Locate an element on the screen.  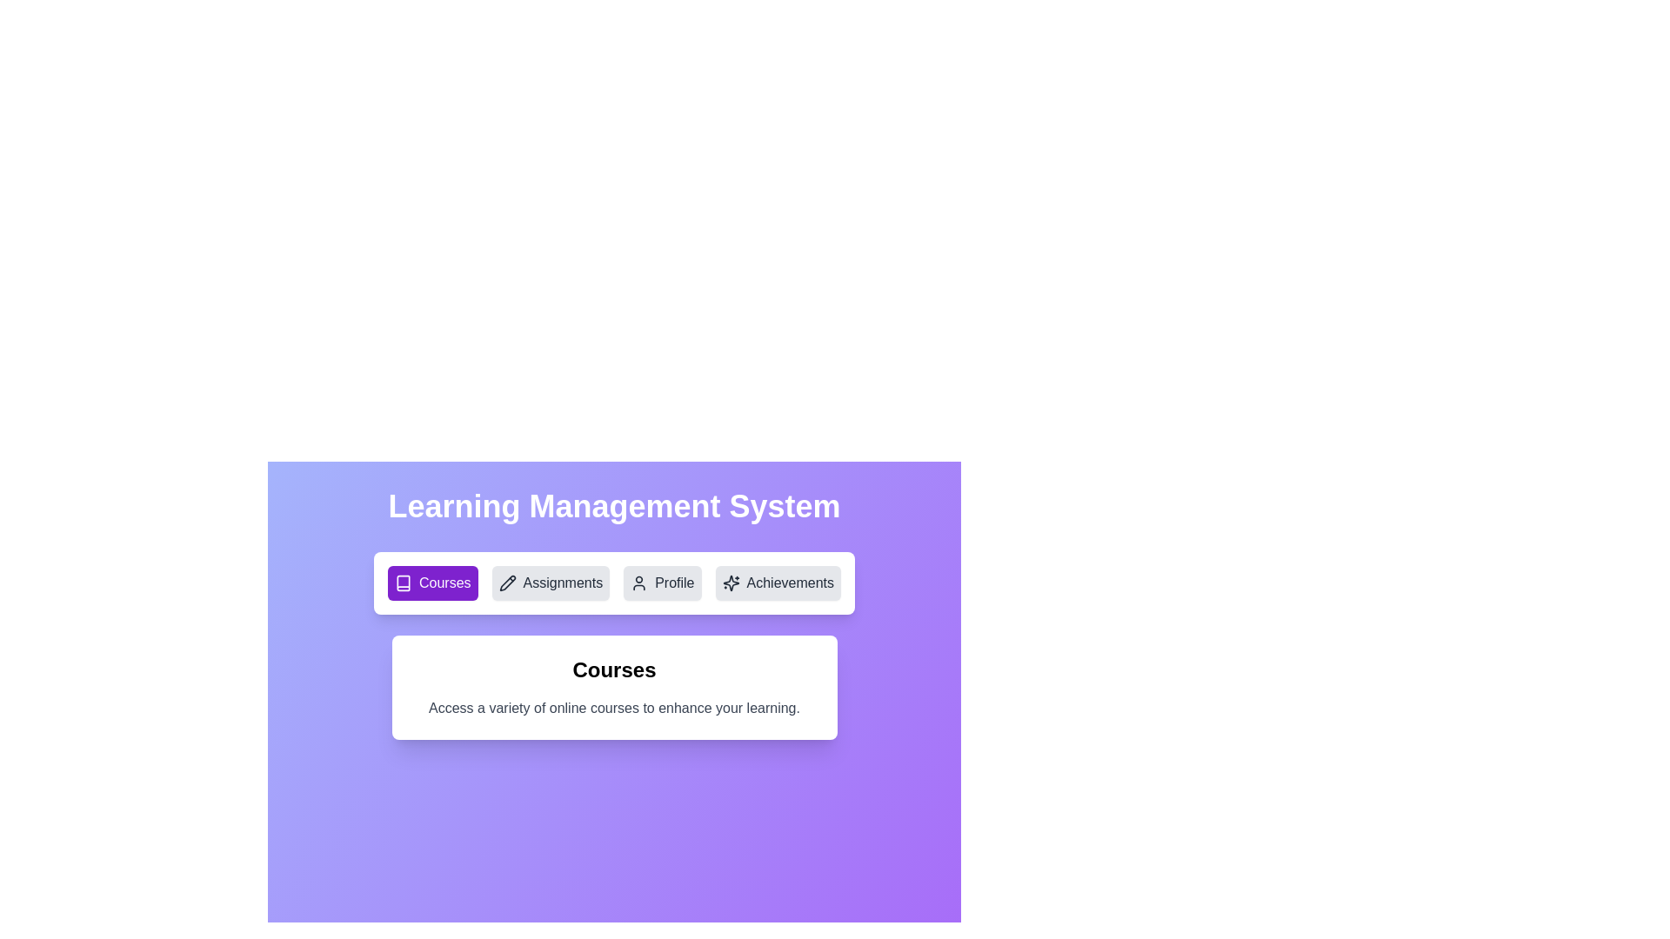
the Achievements tab by clicking its button is located at coordinates (777, 583).